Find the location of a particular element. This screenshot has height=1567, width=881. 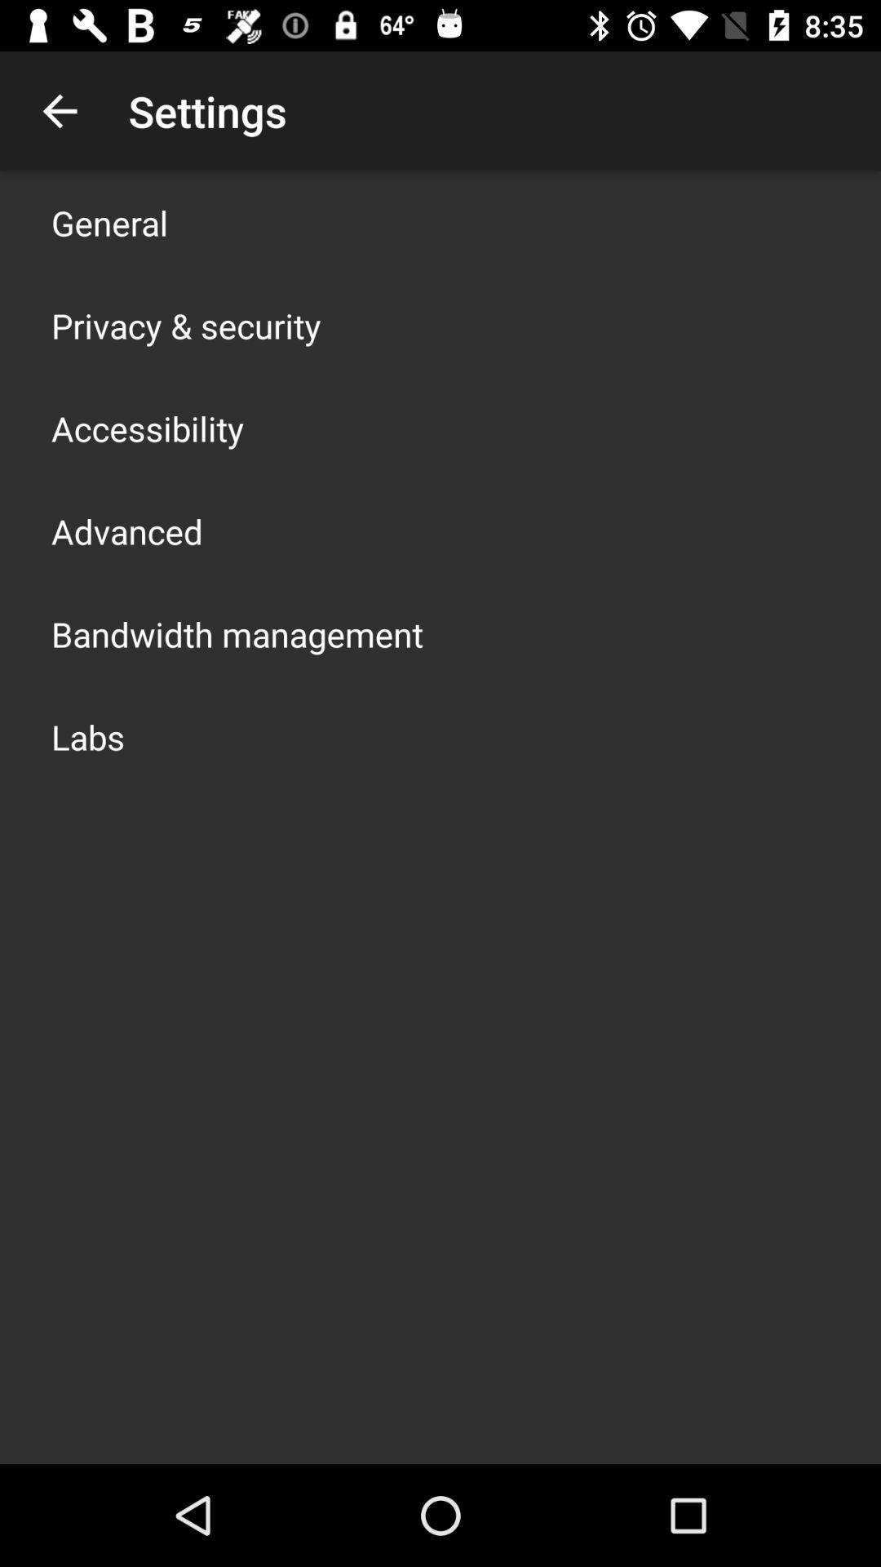

the app below the accessibility app is located at coordinates (126, 531).